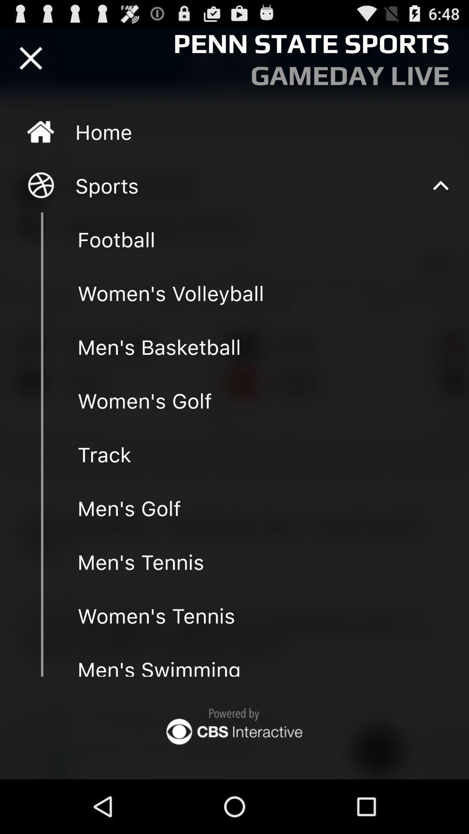  I want to click on the close icon, so click(30, 62).